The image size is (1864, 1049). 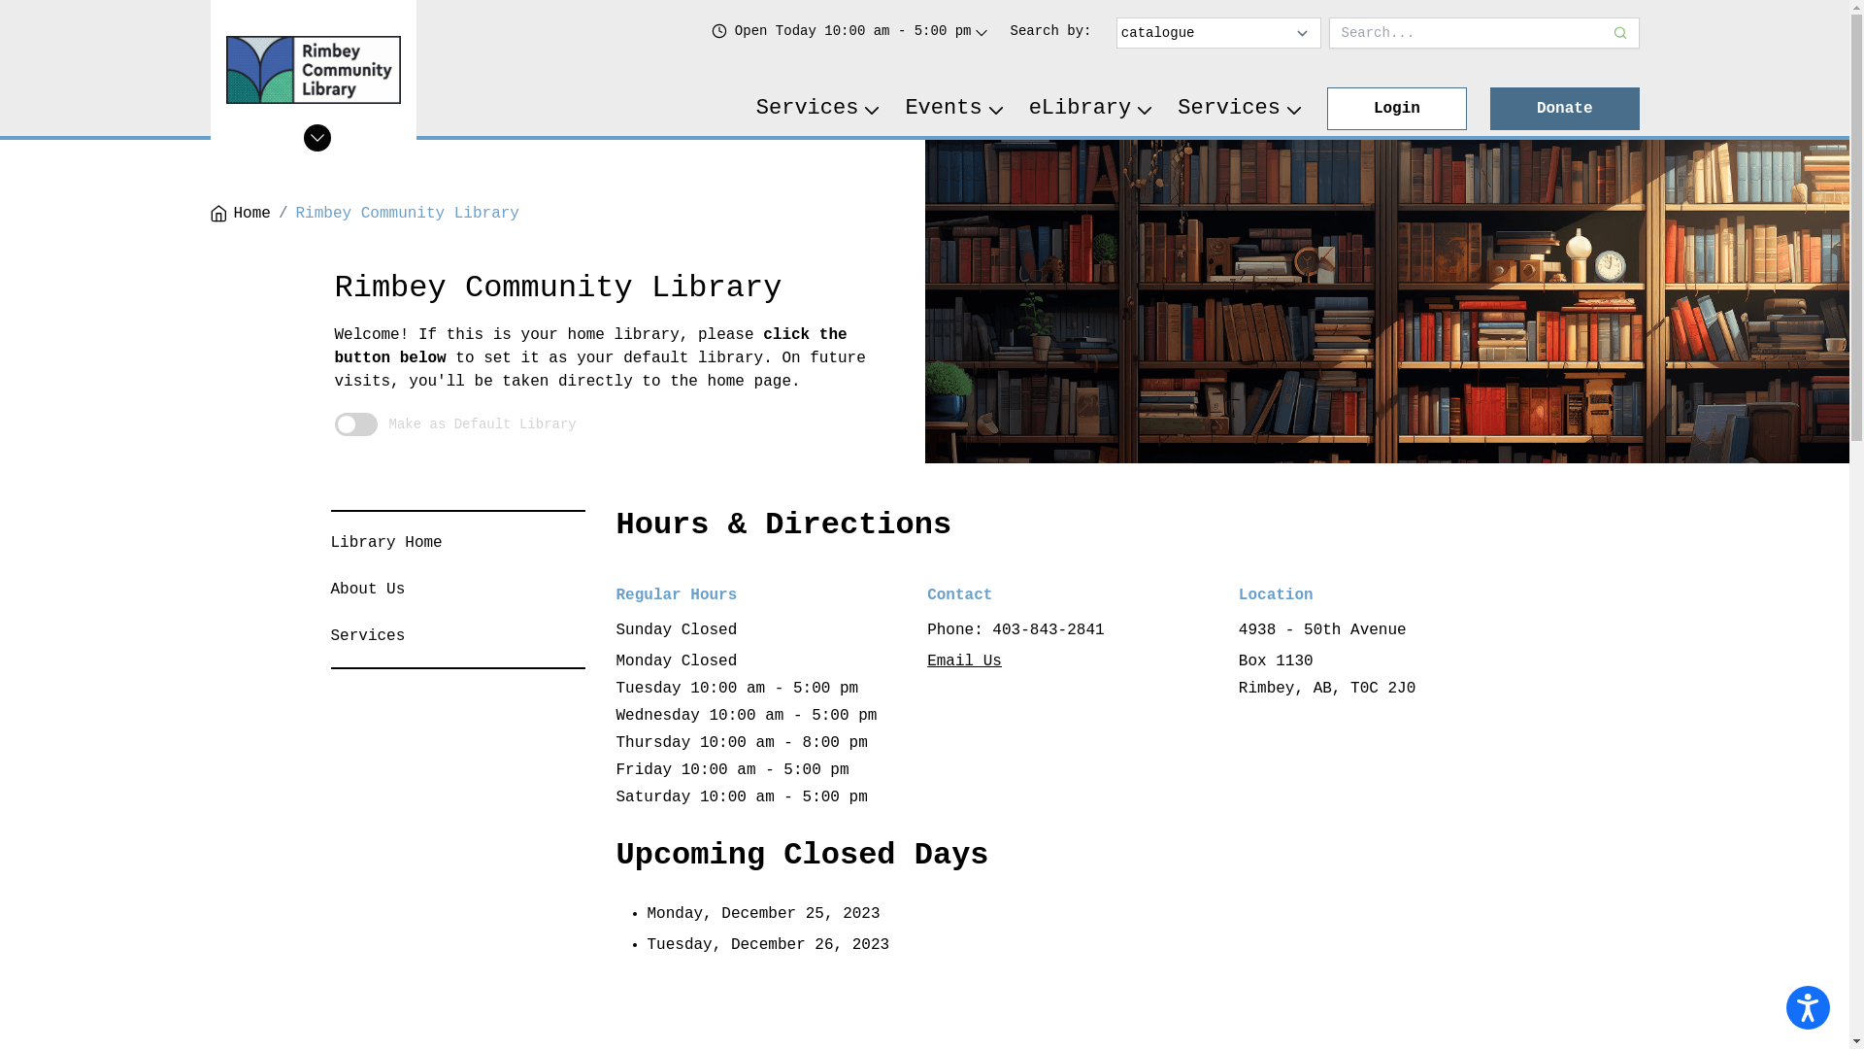 What do you see at coordinates (385, 543) in the screenshot?
I see `'Library Home'` at bounding box center [385, 543].